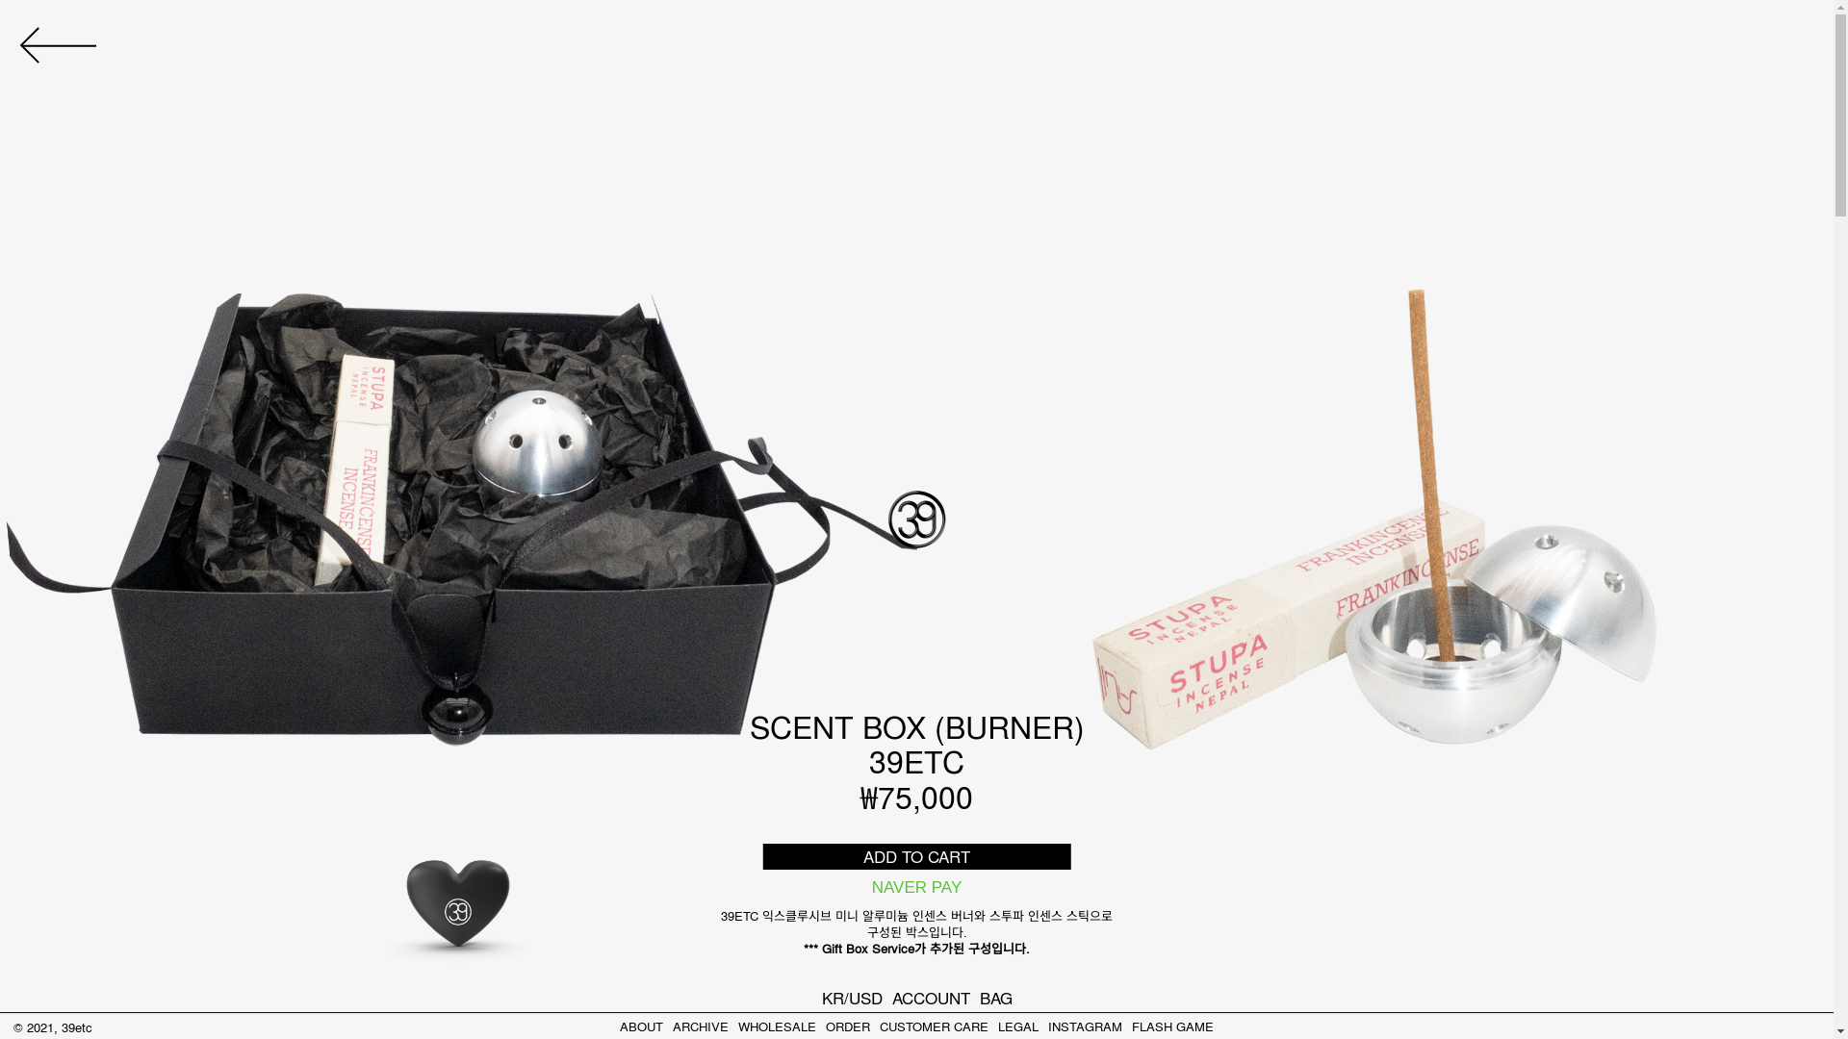 Image resolution: width=1848 pixels, height=1039 pixels. Describe the element at coordinates (761, 855) in the screenshot. I see `'ADD TO CART'` at that location.